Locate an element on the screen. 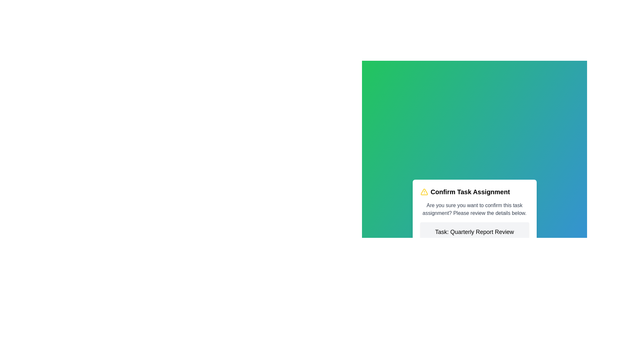 The image size is (620, 349). and comprehend the instructions displayed in the text paragraph that asks for confirmation of the task assignment is located at coordinates (474, 209).